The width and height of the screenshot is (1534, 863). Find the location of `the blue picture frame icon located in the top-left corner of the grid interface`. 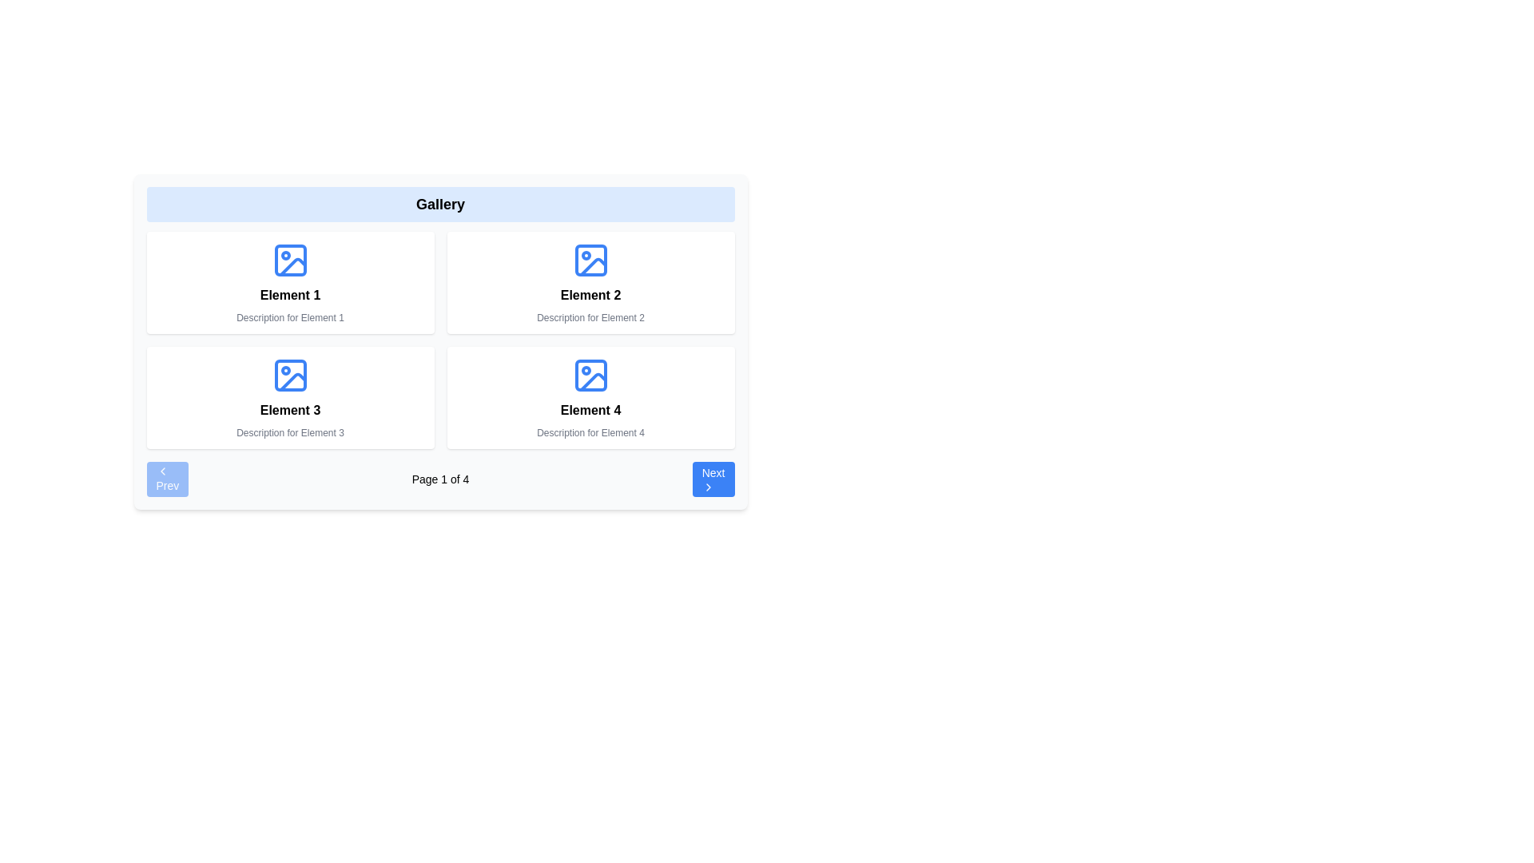

the blue picture frame icon located in the top-left corner of the grid interface is located at coordinates (290, 260).